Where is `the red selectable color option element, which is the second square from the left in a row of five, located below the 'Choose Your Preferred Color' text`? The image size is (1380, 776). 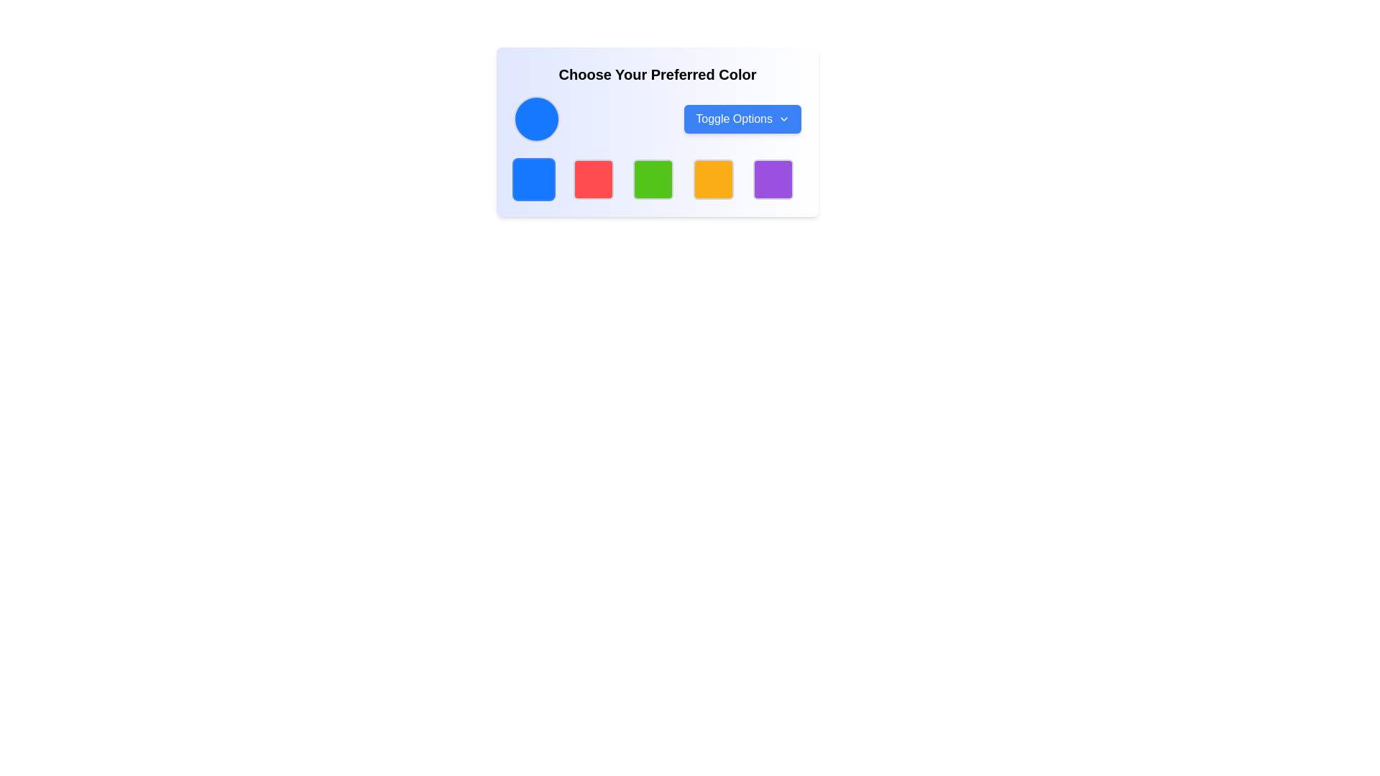
the red selectable color option element, which is the second square from the left in a row of five, located below the 'Choose Your Preferred Color' text is located at coordinates (594, 179).